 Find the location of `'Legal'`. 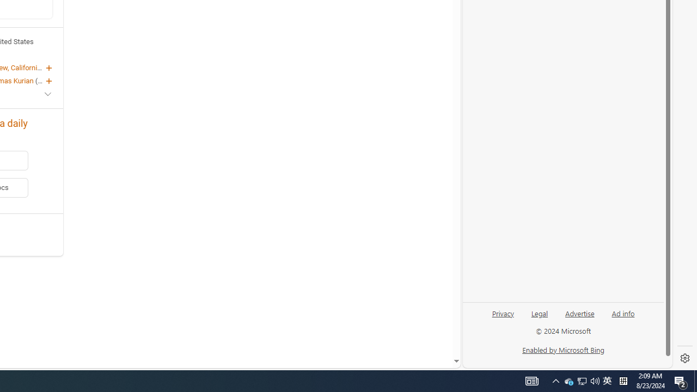

'Legal' is located at coordinates (540, 313).